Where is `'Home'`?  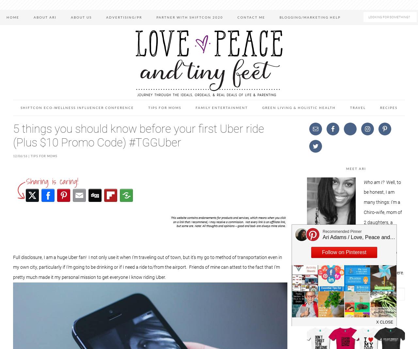
'Home' is located at coordinates (13, 17).